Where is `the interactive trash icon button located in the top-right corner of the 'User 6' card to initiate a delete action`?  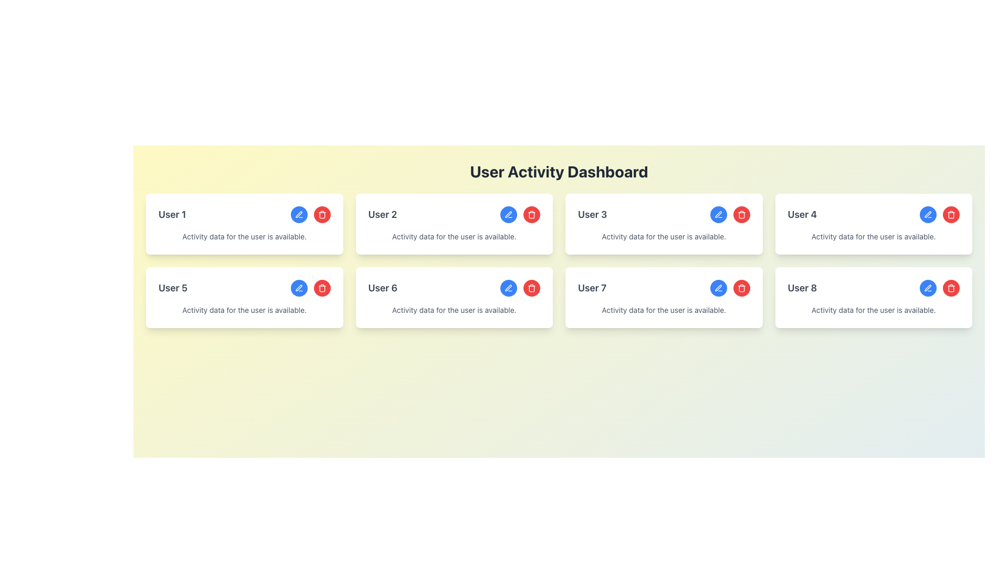 the interactive trash icon button located in the top-right corner of the 'User 6' card to initiate a delete action is located at coordinates (321, 288).